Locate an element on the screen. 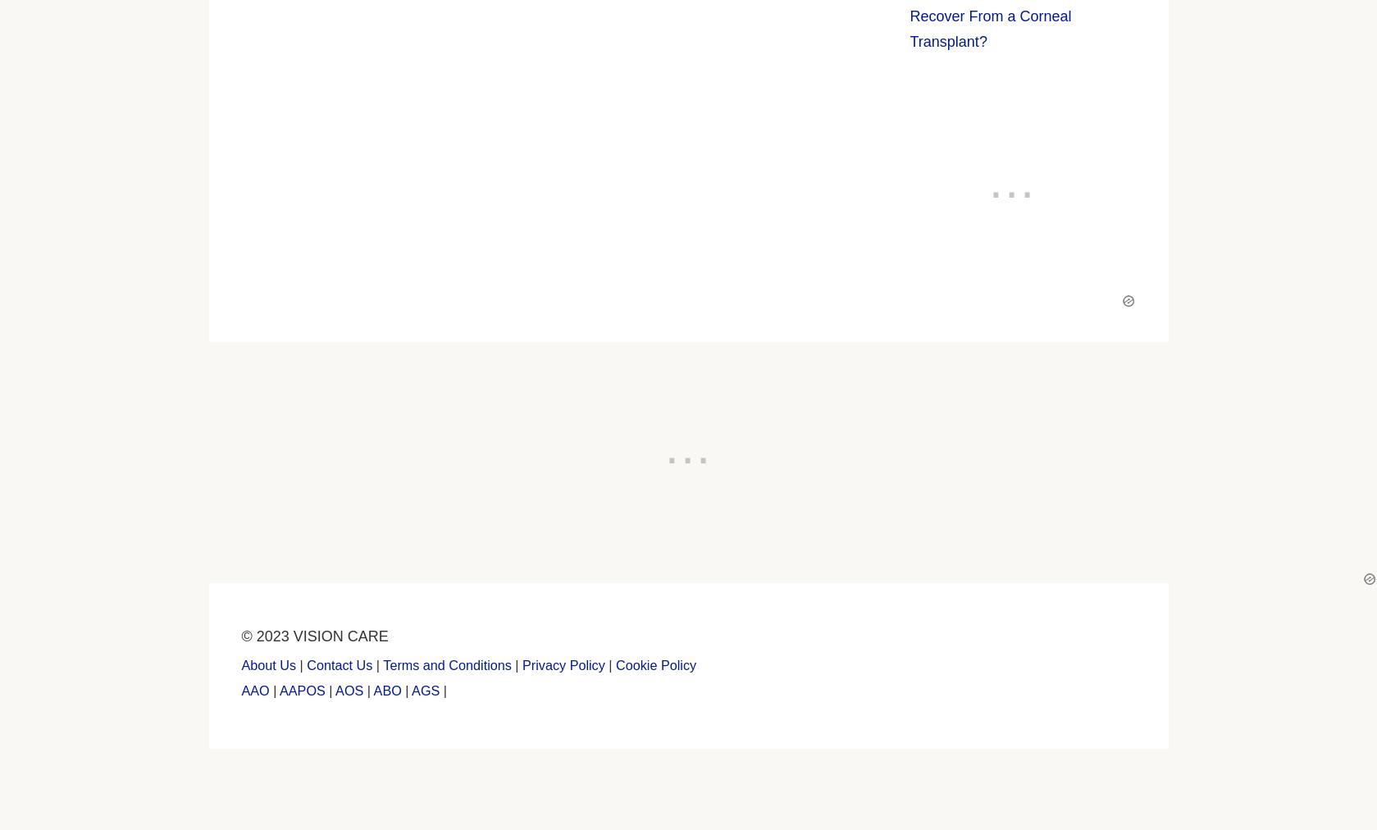  '© 2023 VISION CARE' is located at coordinates (314, 634).